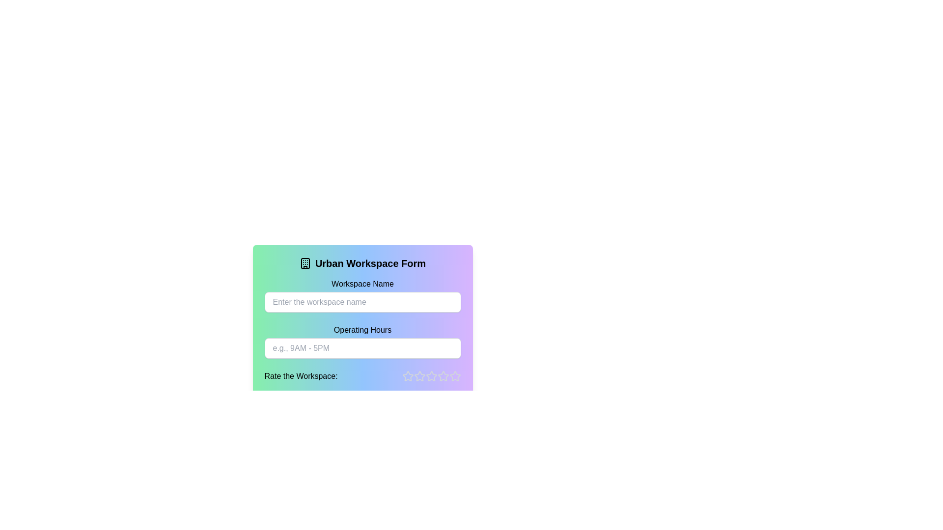  I want to click on the label text that reads 'Workspace Name' styled in bold black font, located just above the input field for entering the workspace name in the Urban Workspace Form, so click(362, 284).